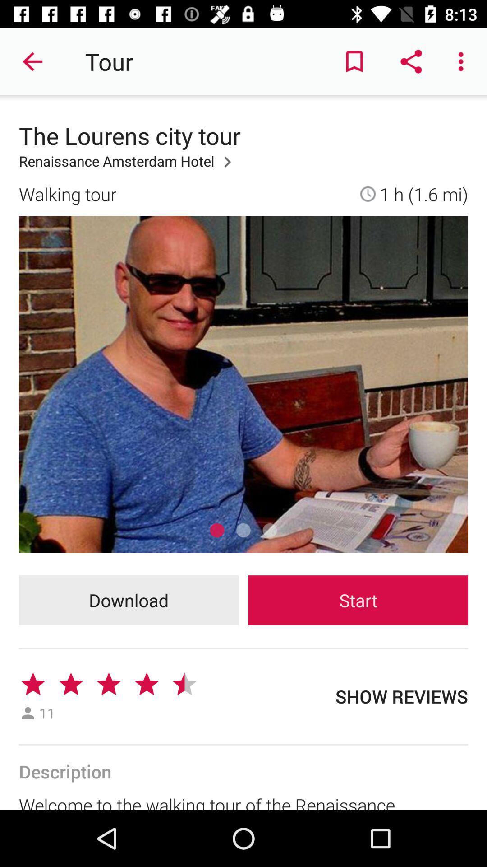 This screenshot has height=867, width=487. Describe the element at coordinates (354, 61) in the screenshot. I see `the item next to tour item` at that location.